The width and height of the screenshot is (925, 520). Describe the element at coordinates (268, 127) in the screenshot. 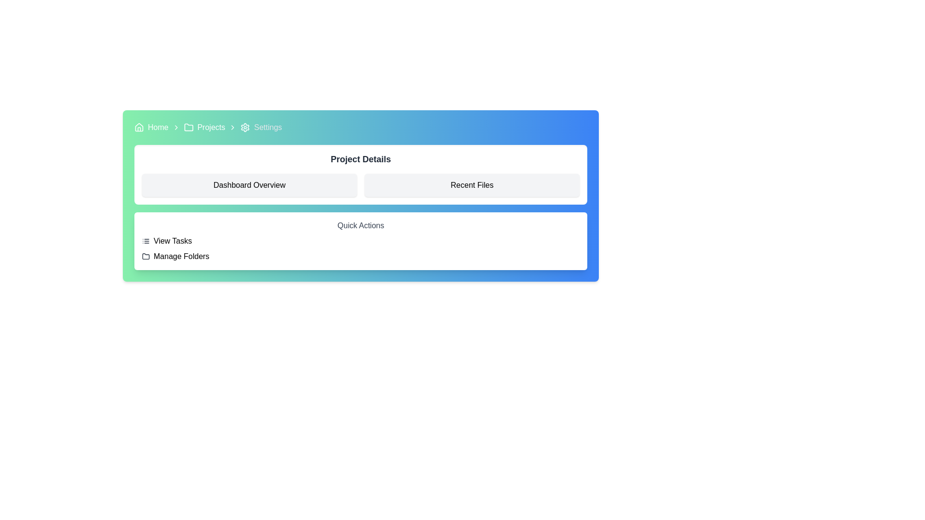

I see `the 'Settings' text label in the breadcrumb navigation bar, which is the third link following 'Home' and 'Projects'` at that location.